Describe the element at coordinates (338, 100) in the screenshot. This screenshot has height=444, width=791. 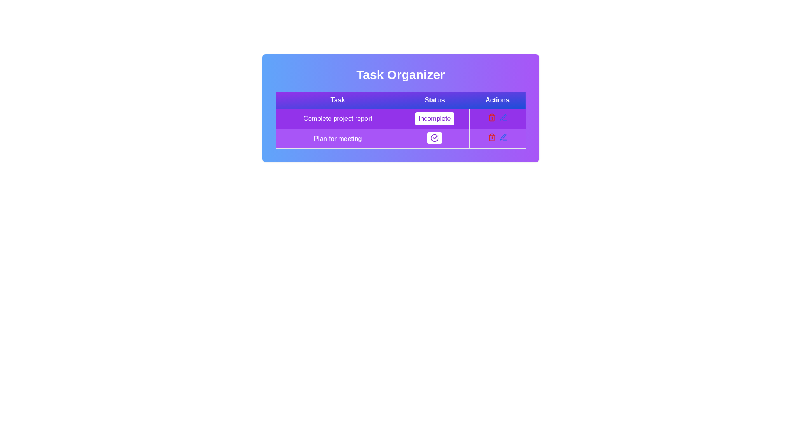
I see `the 'Task' header label in the task organizer interface, which is located at the top-left area of the header among the labels 'Status' and 'Actions'` at that location.